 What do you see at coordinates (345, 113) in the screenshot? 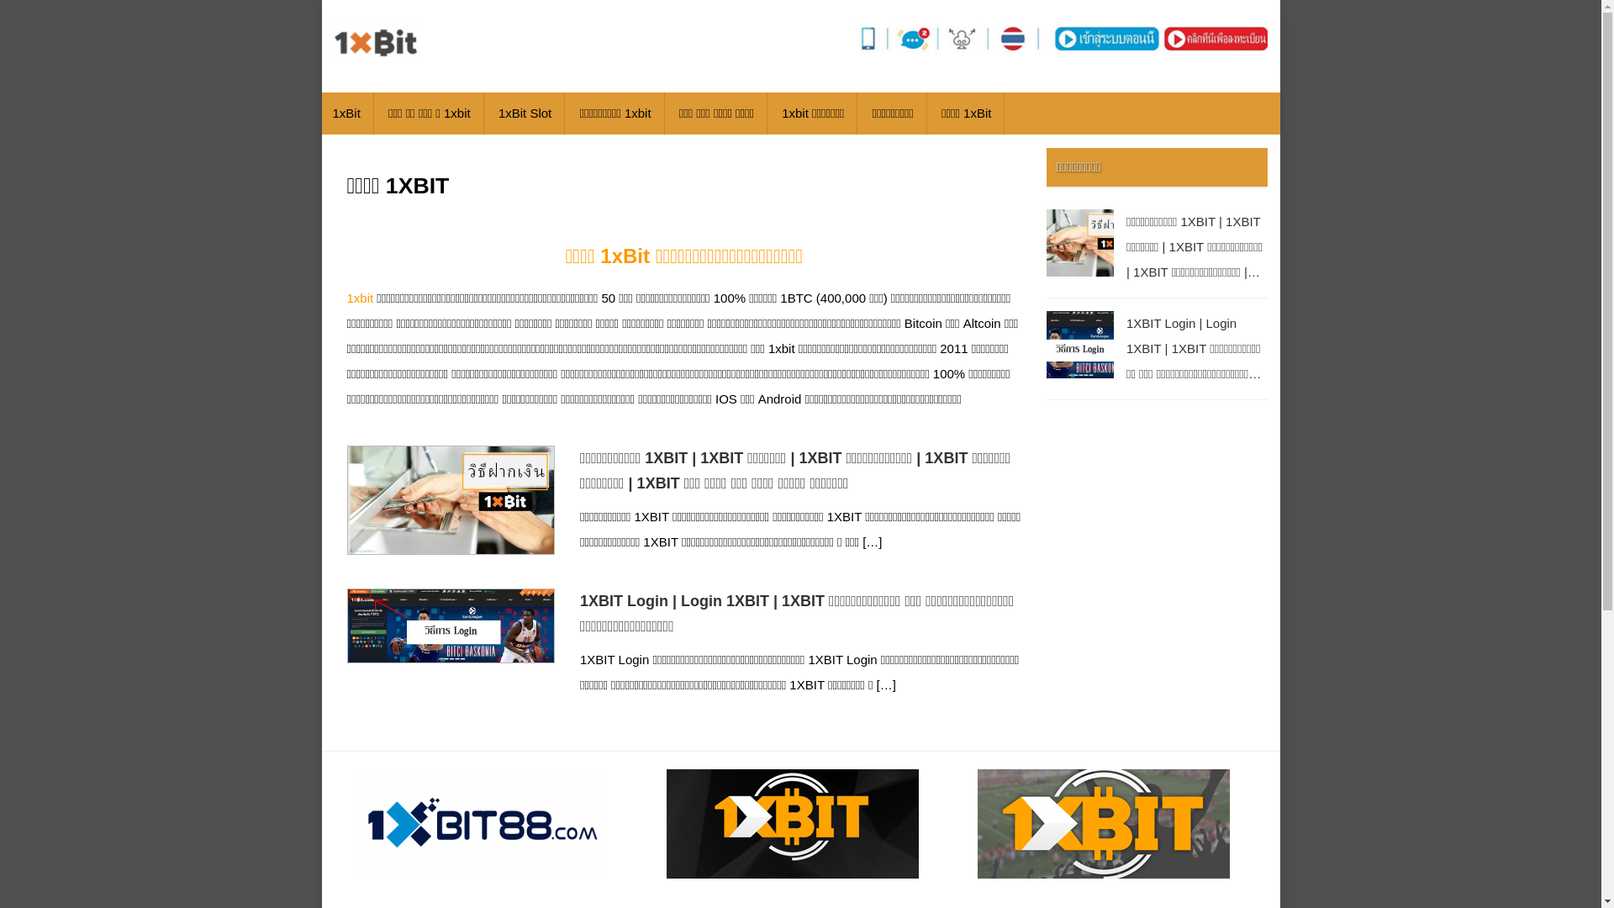
I see `'1xBit'` at bounding box center [345, 113].